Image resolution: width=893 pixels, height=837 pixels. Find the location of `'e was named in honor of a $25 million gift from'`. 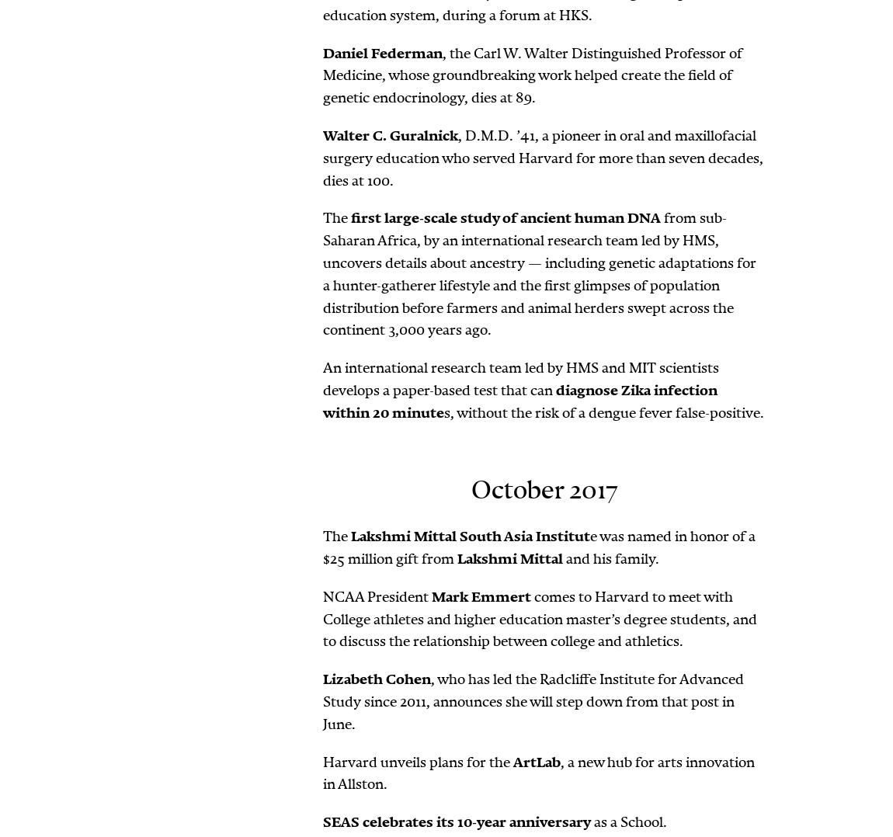

'e was named in honor of a $25 million gift from' is located at coordinates (538, 547).